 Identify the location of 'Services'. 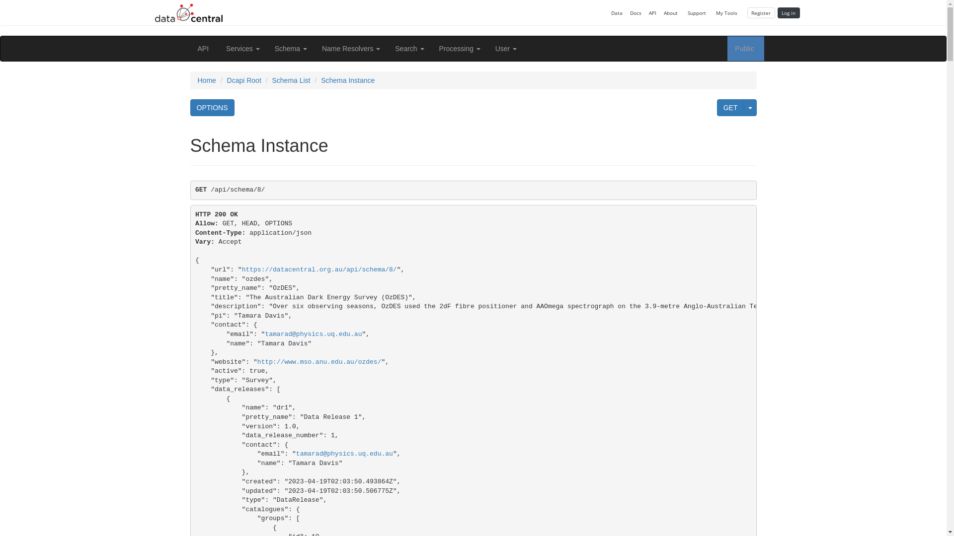
(218, 48).